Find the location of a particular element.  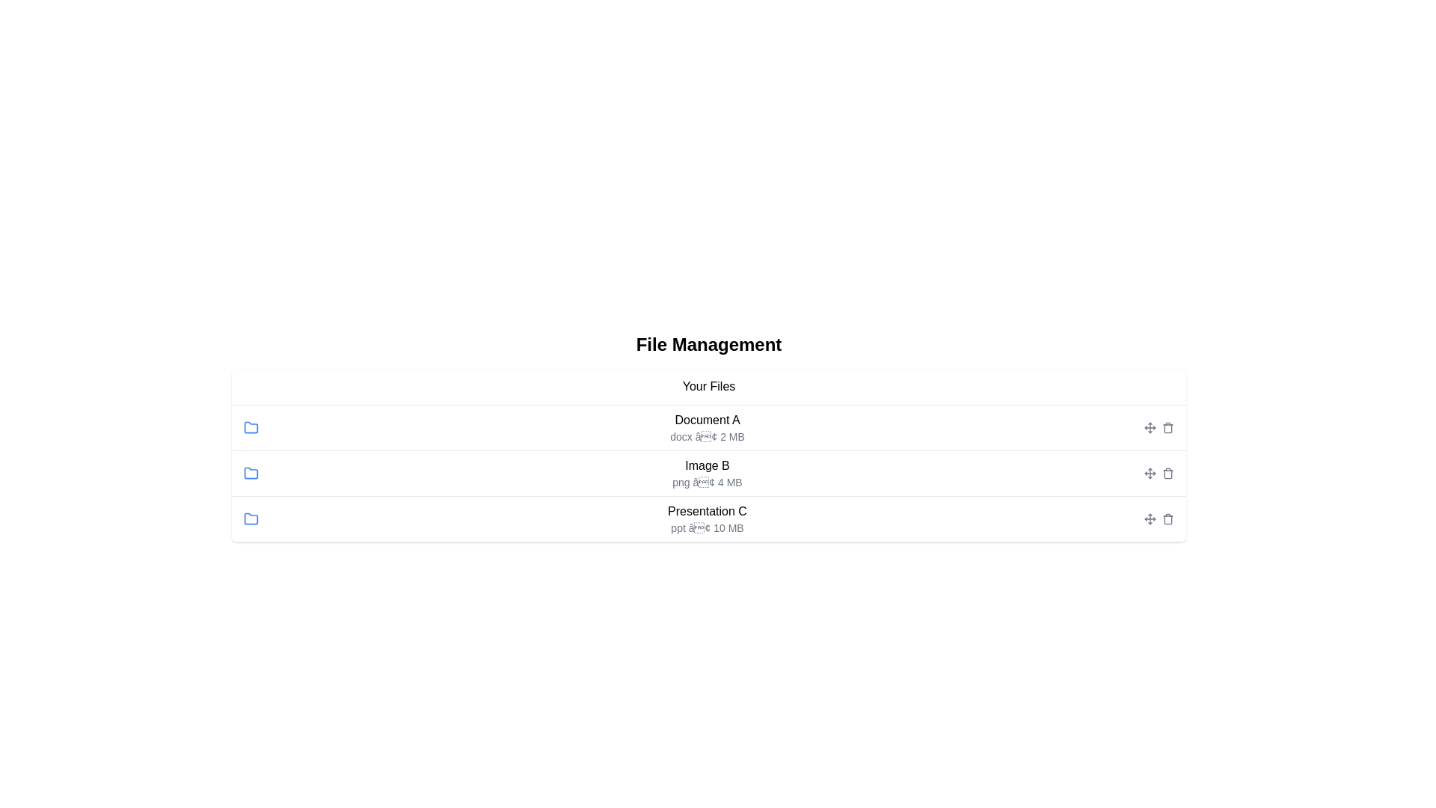

the folder icon representing 'Image B' in the file management system to visually identify its type is located at coordinates (251, 473).